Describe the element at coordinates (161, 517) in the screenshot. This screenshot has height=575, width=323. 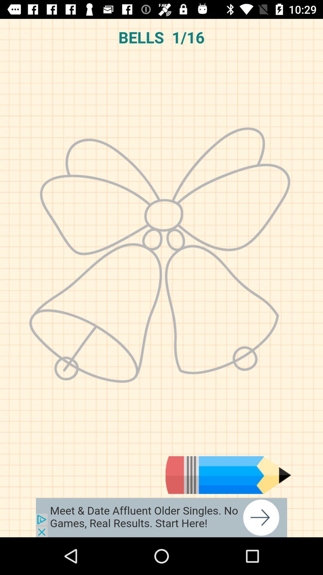
I see `advertisement` at that location.